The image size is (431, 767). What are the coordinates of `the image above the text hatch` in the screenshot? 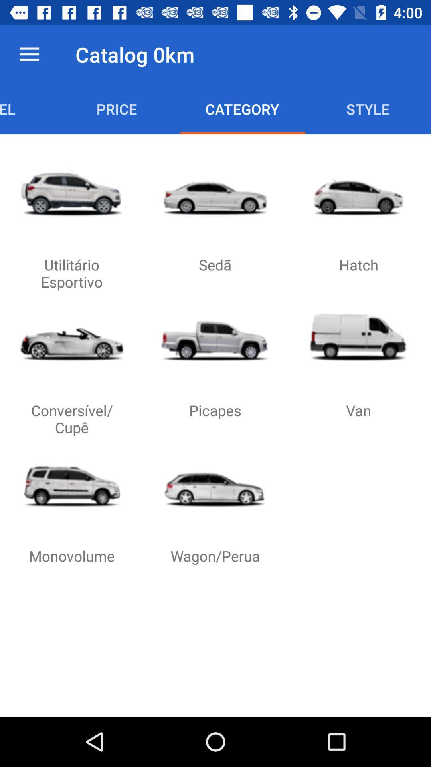 It's located at (358, 192).